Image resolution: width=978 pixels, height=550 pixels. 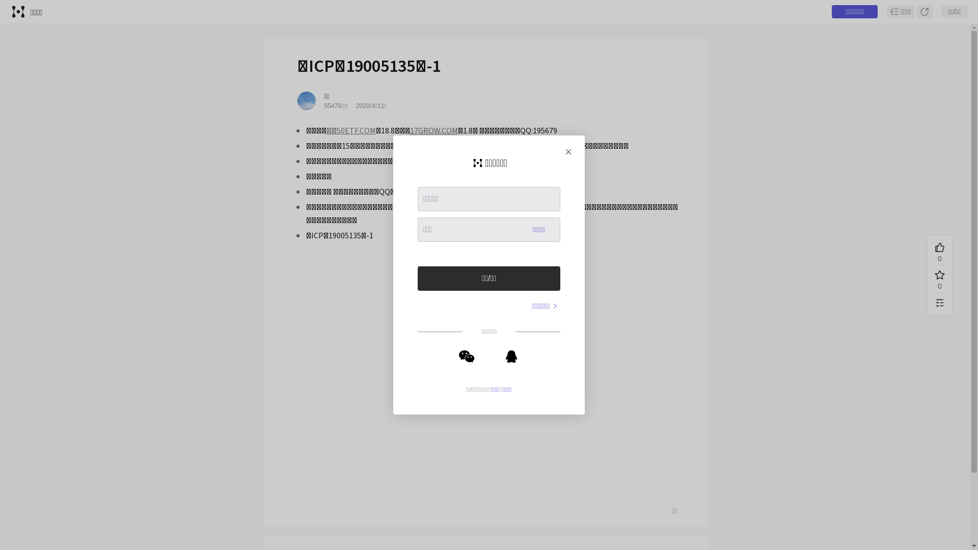 I want to click on '17GROW.COM', so click(x=410, y=130).